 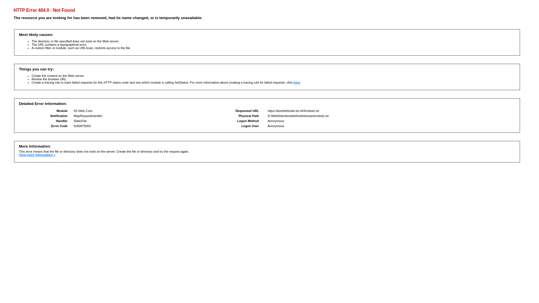 I want to click on 'here', so click(x=296, y=82).